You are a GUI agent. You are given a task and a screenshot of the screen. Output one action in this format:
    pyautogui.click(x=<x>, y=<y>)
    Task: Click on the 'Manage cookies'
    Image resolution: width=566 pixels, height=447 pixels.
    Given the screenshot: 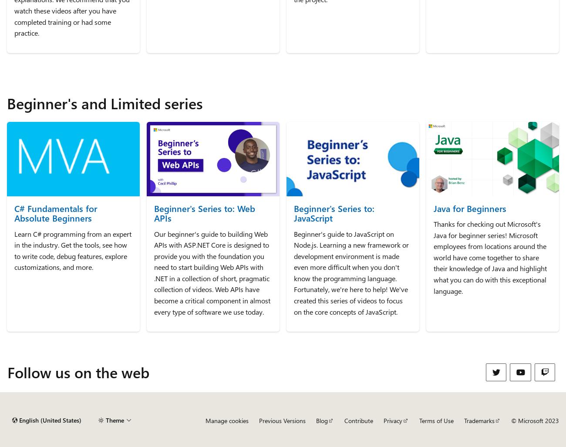 What is the action you would take?
    pyautogui.click(x=226, y=420)
    